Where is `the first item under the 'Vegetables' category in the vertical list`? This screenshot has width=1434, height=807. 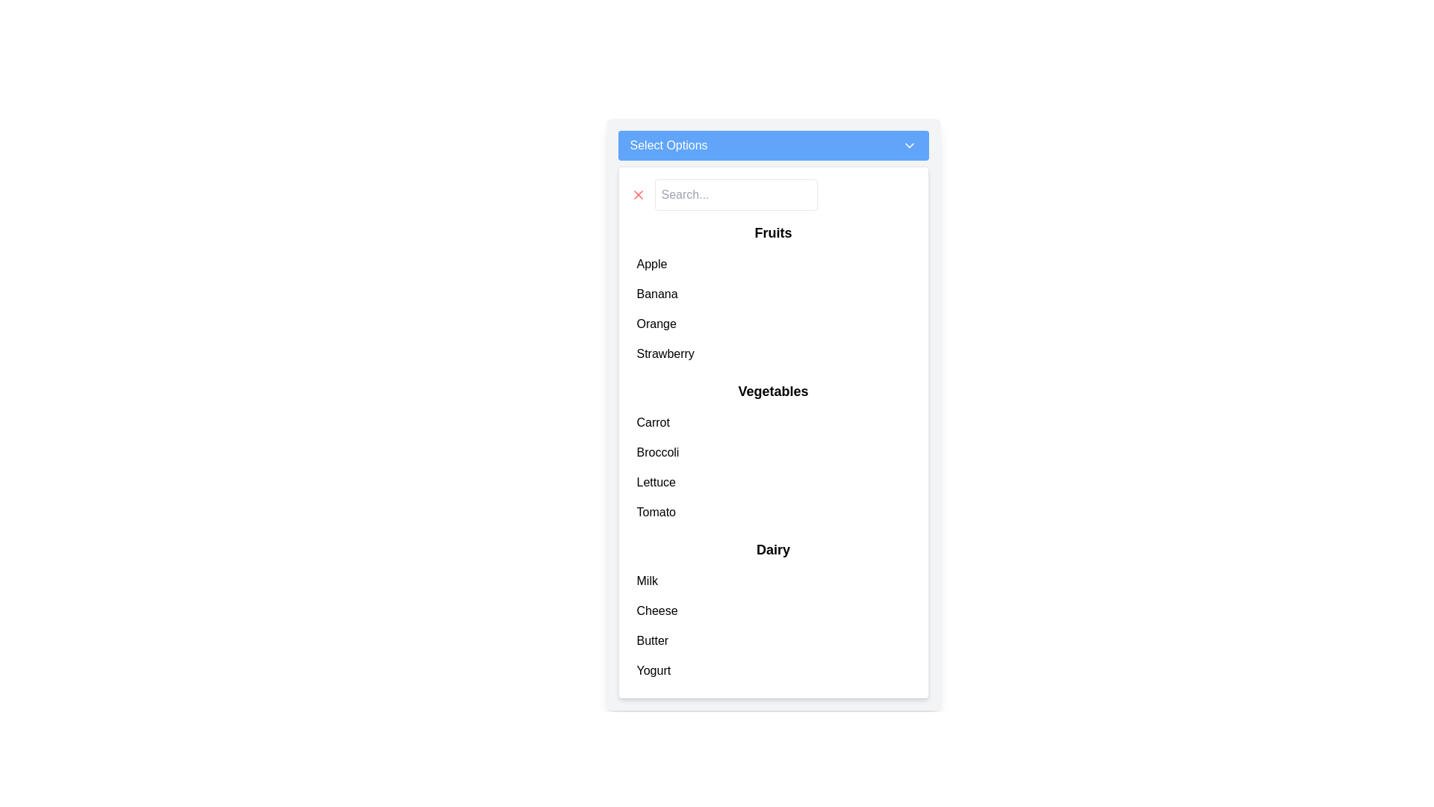 the first item under the 'Vegetables' category in the vertical list is located at coordinates (773, 423).